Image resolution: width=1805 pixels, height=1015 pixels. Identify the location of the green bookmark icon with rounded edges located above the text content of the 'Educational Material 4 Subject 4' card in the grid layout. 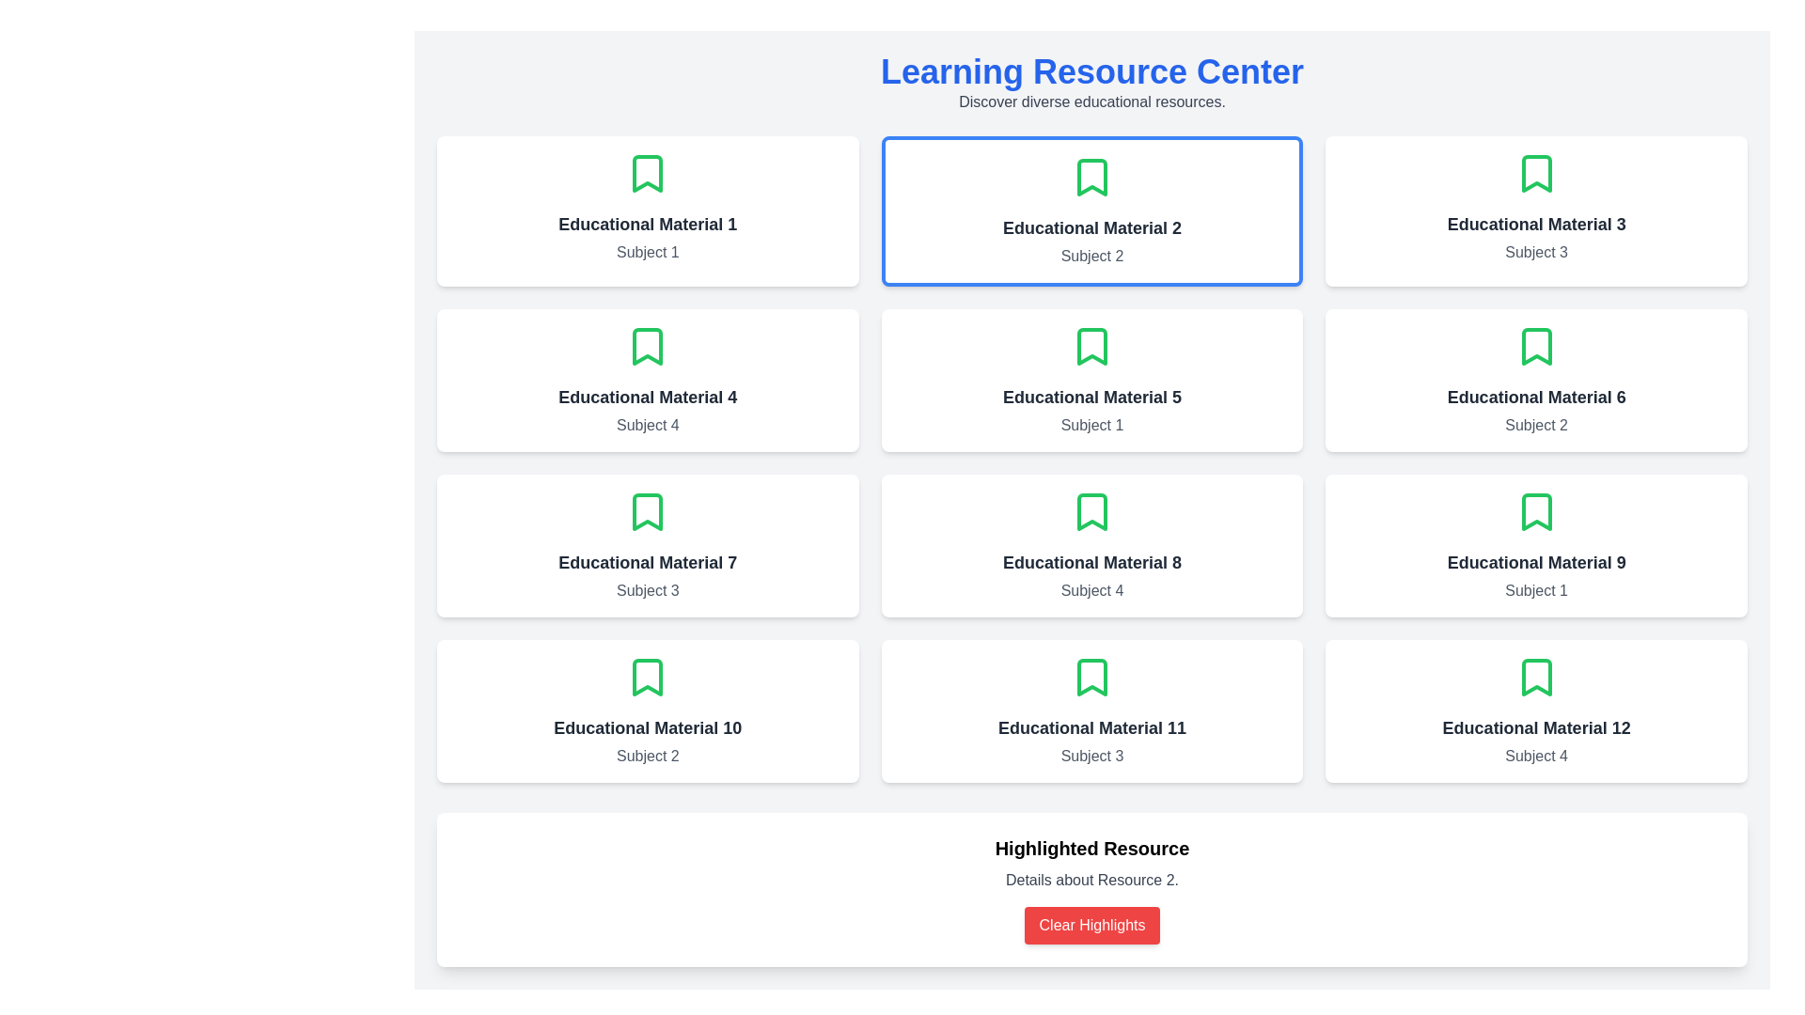
(648, 347).